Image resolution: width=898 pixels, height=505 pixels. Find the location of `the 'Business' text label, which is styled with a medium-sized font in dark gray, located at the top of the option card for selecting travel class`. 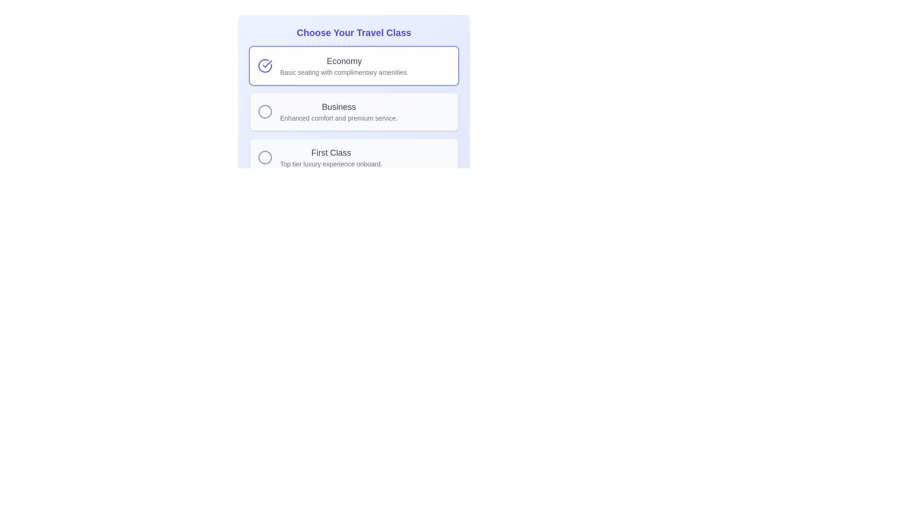

the 'Business' text label, which is styled with a medium-sized font in dark gray, located at the top of the option card for selecting travel class is located at coordinates (338, 106).